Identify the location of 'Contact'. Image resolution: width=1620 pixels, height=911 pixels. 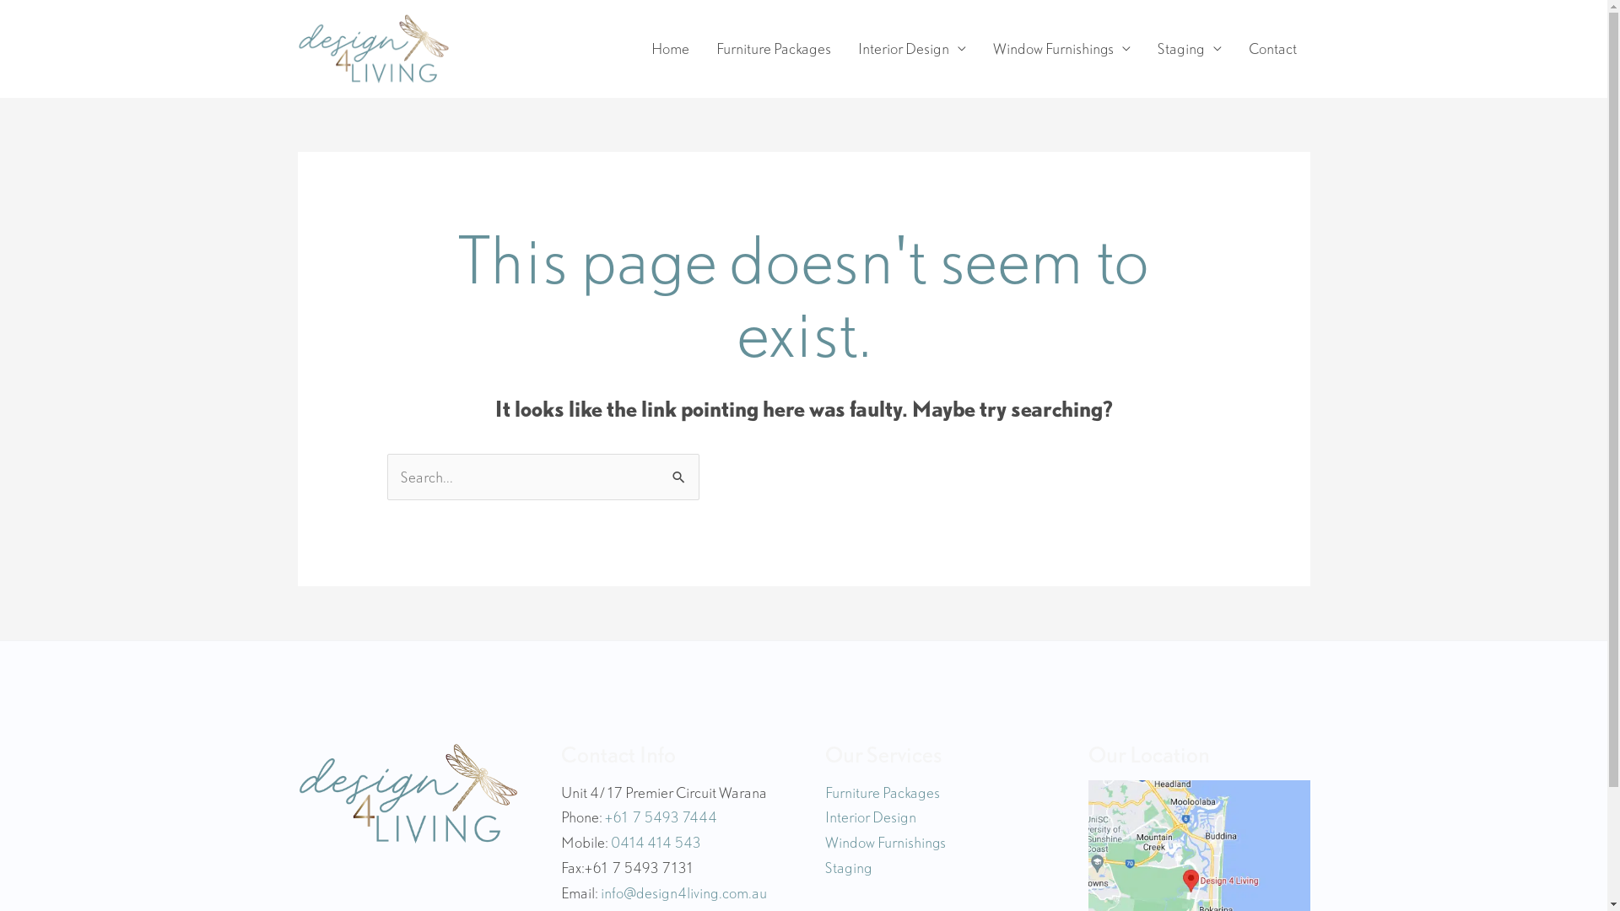
(1272, 47).